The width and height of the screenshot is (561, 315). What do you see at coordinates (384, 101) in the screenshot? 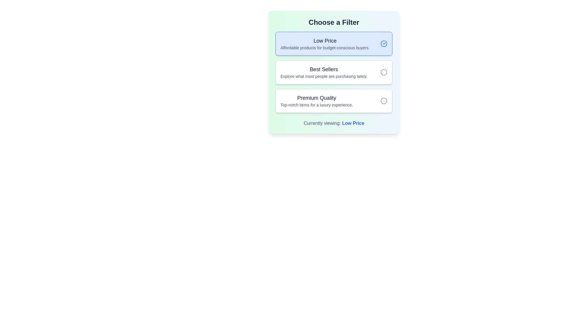
I see `the circular radio button for the 'Premium Quality' option` at bounding box center [384, 101].